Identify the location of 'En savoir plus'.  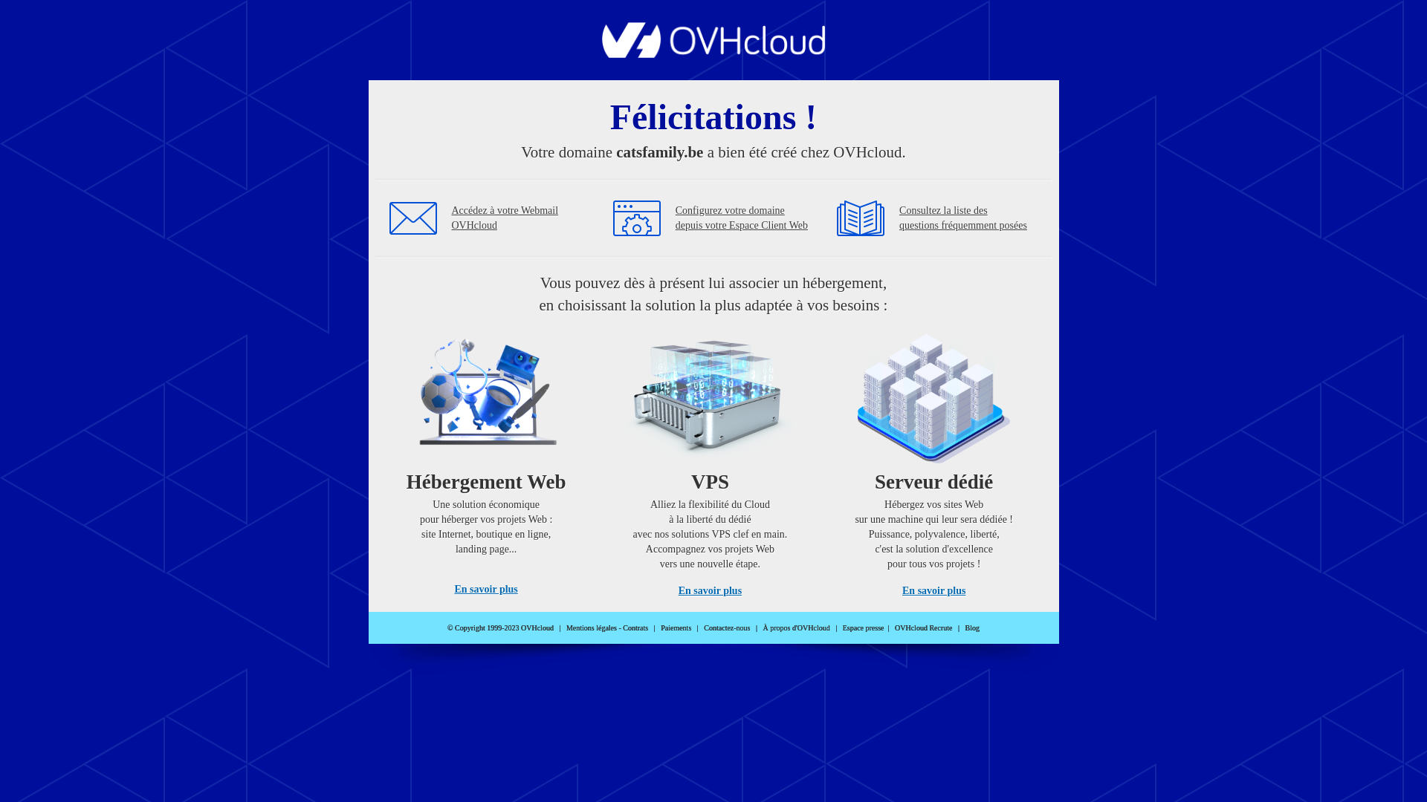
(453, 588).